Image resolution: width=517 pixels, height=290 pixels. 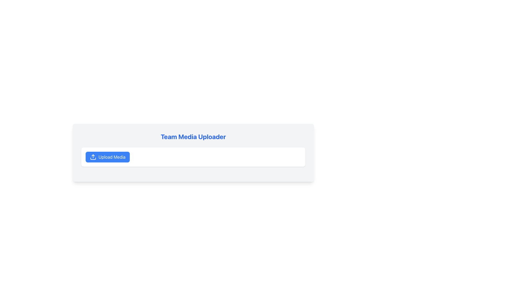 I want to click on the lower part of the upload symbol graphic icon, which is part of the button labeled 'Upload Media', so click(x=93, y=158).